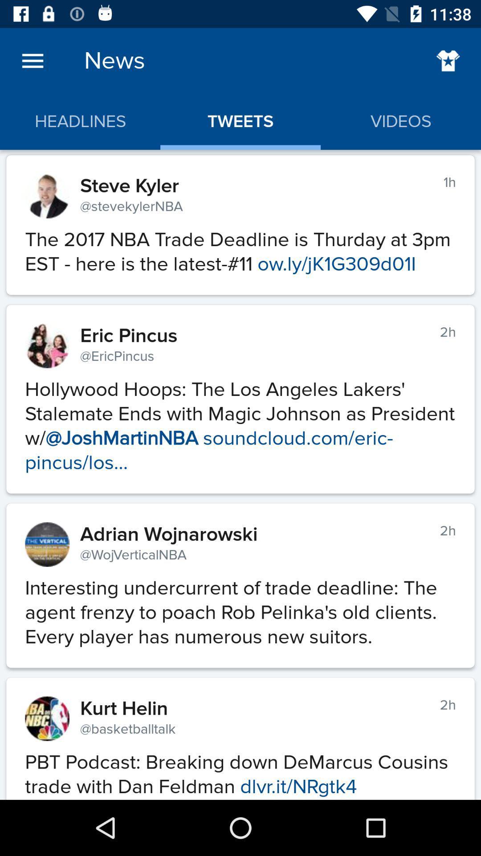 This screenshot has width=481, height=856. Describe the element at coordinates (448, 60) in the screenshot. I see `favorites` at that location.